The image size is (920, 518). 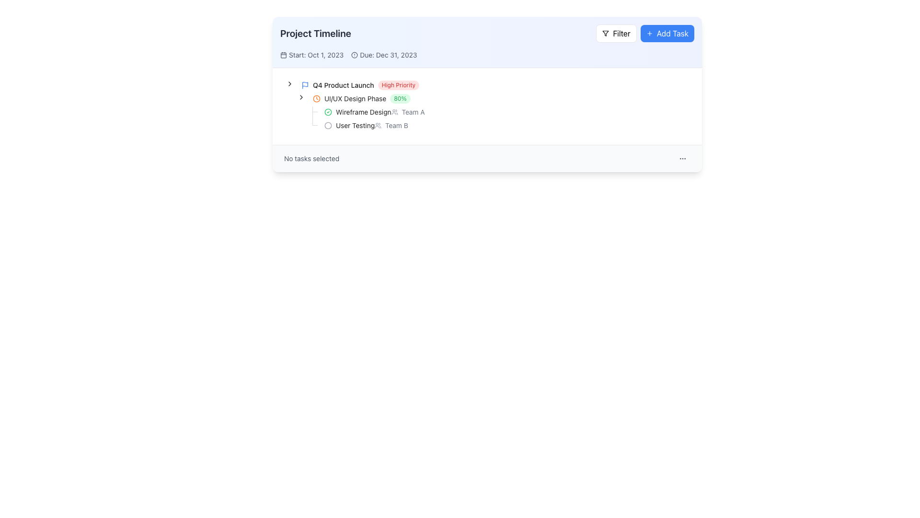 I want to click on the 'UI/UX Design Phase' text in the project timeline, so click(x=361, y=98).